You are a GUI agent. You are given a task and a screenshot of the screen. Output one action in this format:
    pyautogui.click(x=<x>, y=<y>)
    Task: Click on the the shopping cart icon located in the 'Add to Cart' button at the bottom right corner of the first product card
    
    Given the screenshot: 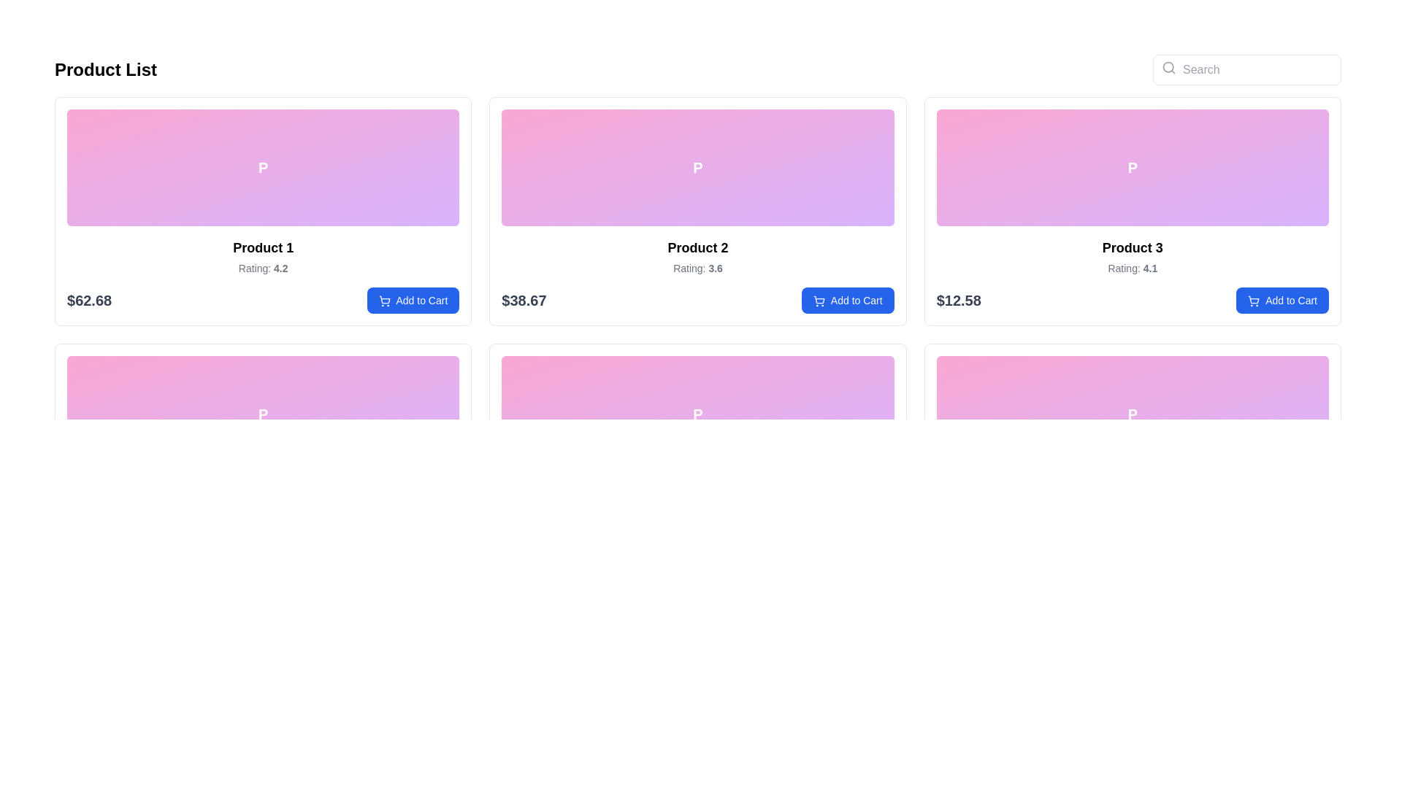 What is the action you would take?
    pyautogui.click(x=384, y=299)
    